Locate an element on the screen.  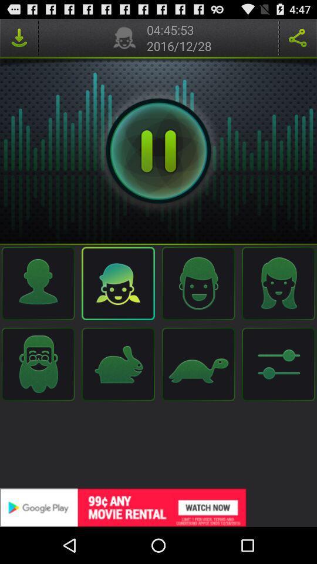
the rabbit image o the web page is located at coordinates (119, 364).